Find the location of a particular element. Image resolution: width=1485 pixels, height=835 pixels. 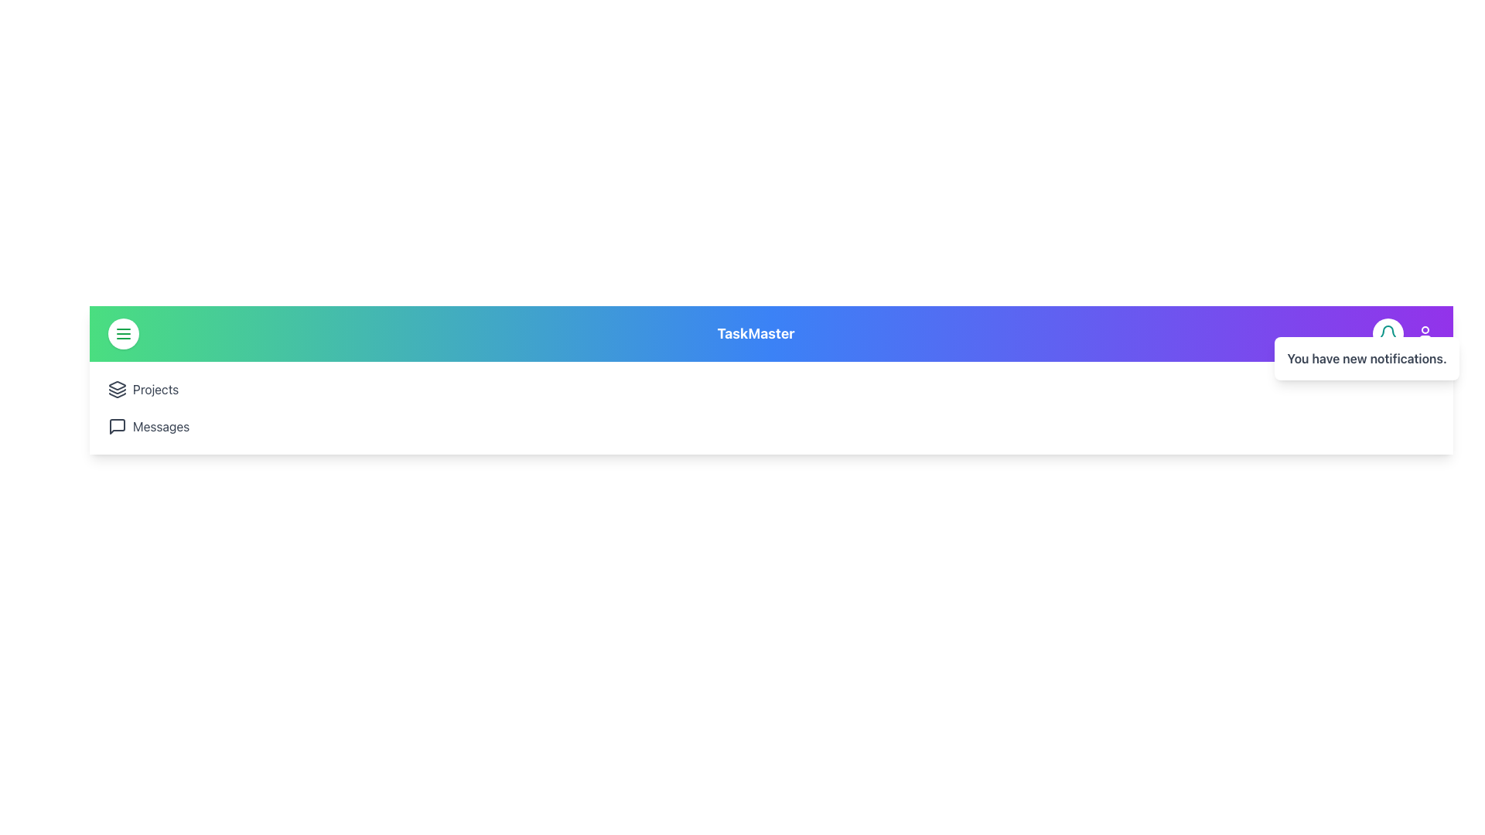

the teal bell-shaped icon located in the upper-right corner of the purple header section is located at coordinates (1388, 331).